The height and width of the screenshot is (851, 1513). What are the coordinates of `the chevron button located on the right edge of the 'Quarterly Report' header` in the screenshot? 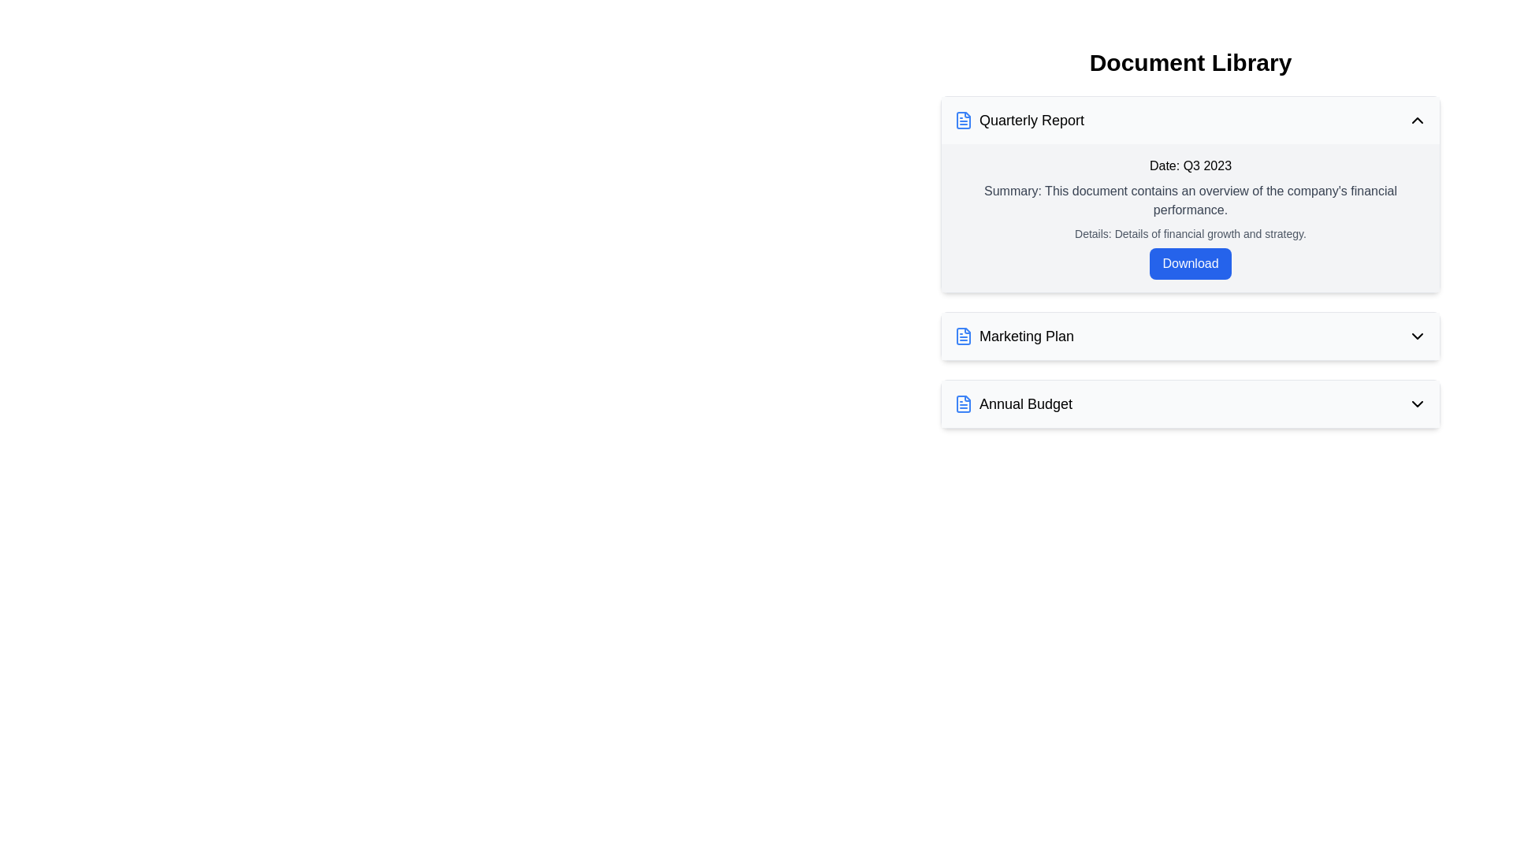 It's located at (1418, 120).